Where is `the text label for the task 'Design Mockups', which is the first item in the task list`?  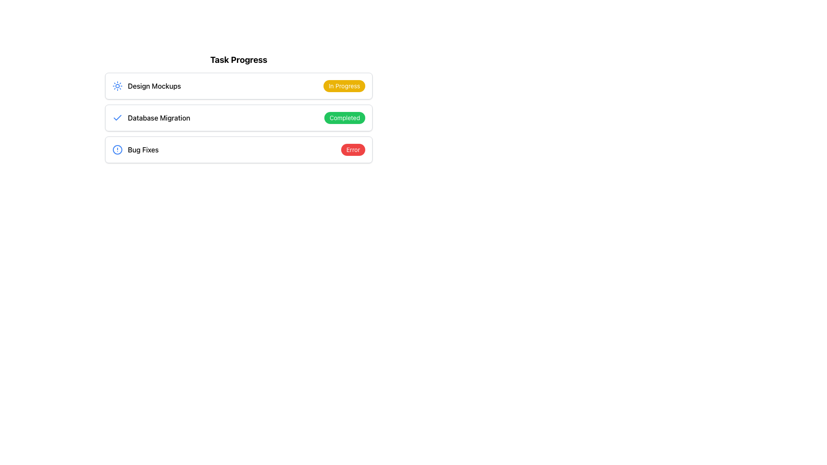 the text label for the task 'Design Mockups', which is the first item in the task list is located at coordinates (146, 86).